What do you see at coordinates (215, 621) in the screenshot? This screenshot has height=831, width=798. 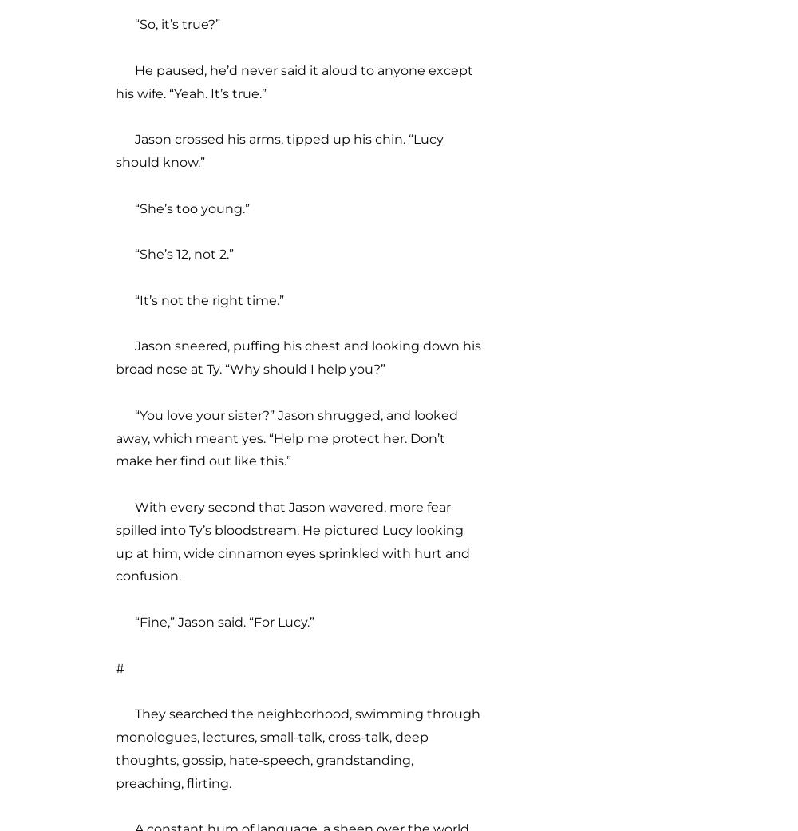 I see `'“Fine,” Jason said. “For Lucy.”'` at bounding box center [215, 621].